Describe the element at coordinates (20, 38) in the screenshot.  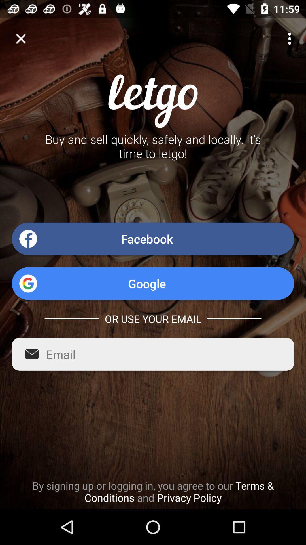
I see `page x` at that location.